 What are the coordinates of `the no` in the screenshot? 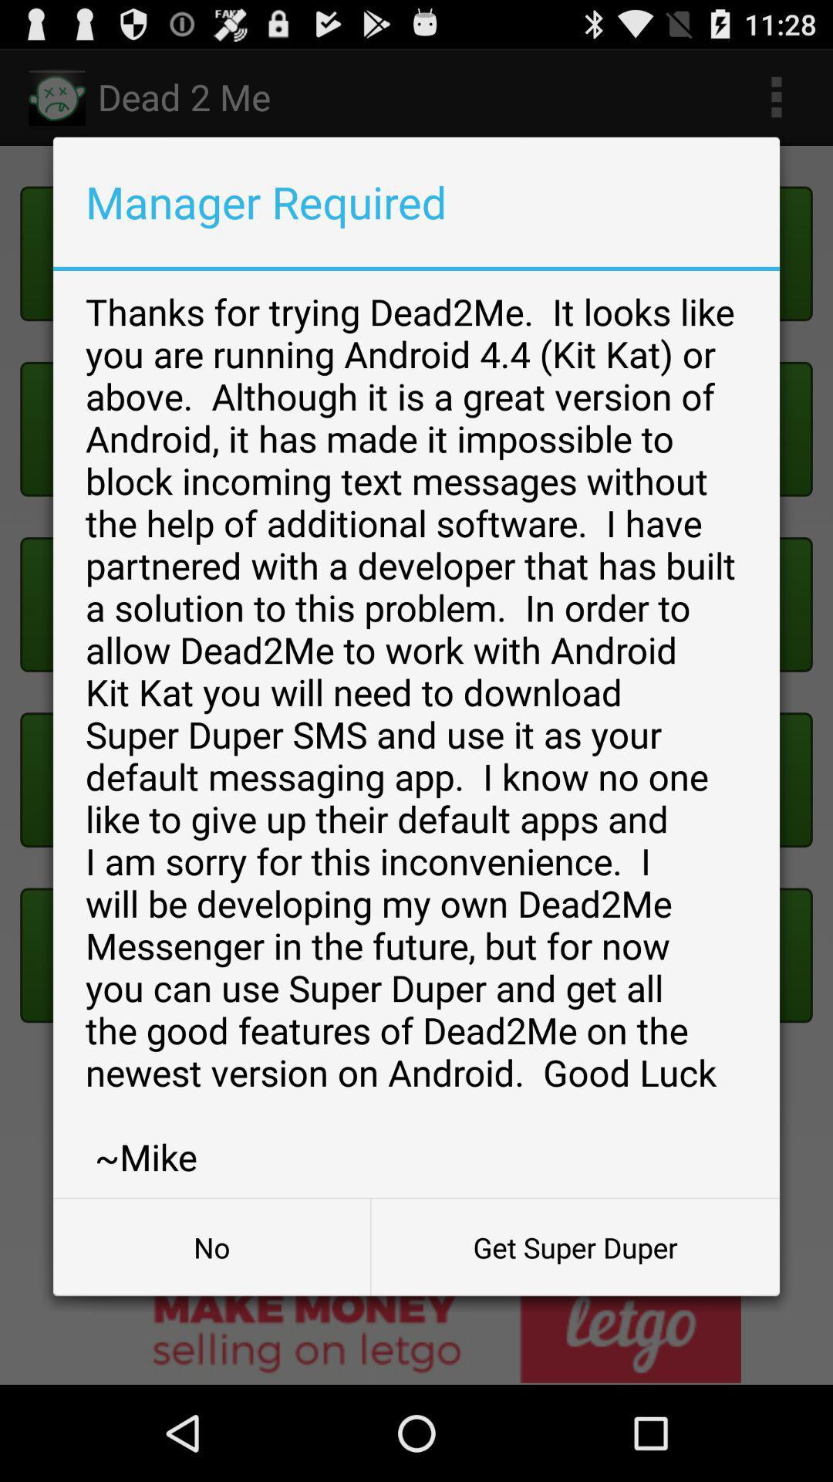 It's located at (211, 1247).